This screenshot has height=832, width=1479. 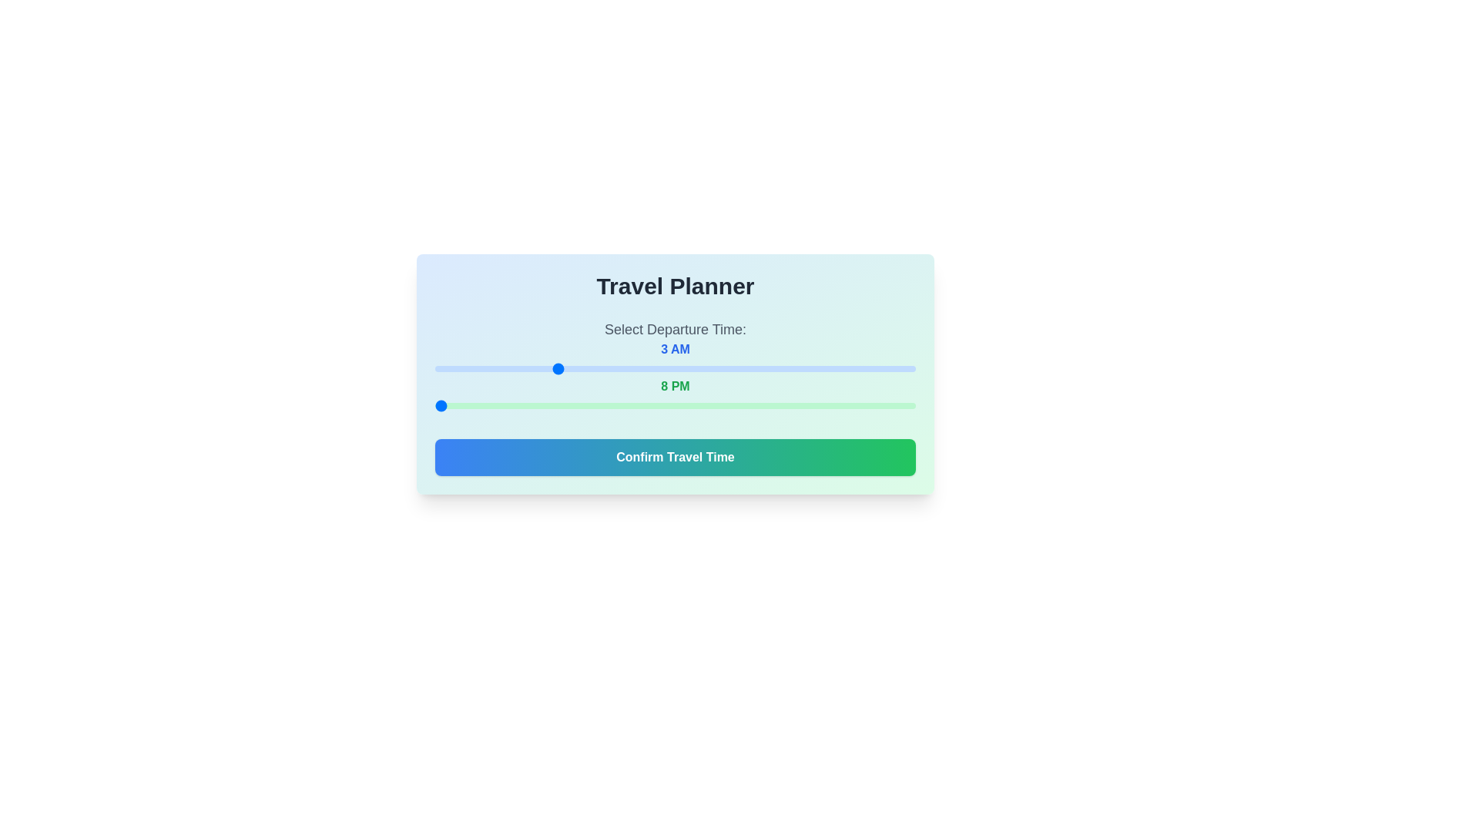 What do you see at coordinates (594, 368) in the screenshot?
I see `departure time` at bounding box center [594, 368].